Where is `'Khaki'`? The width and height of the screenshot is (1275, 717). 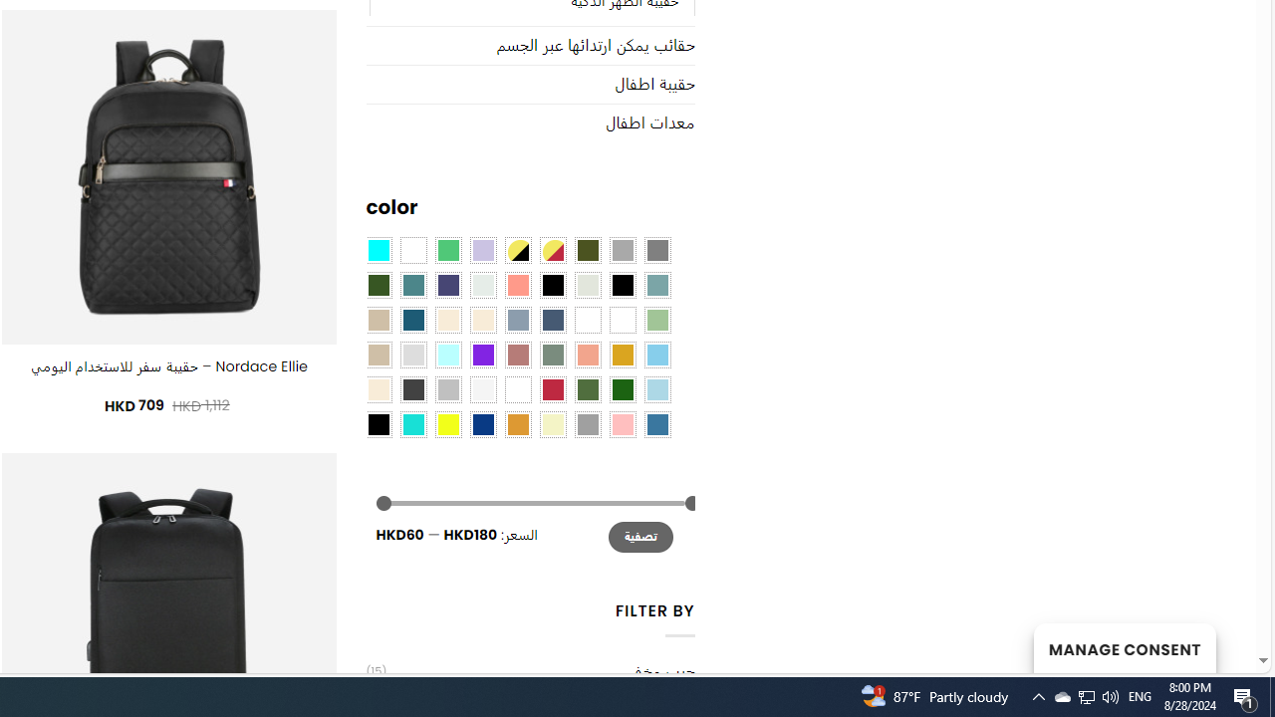 'Khaki' is located at coordinates (621, 319).